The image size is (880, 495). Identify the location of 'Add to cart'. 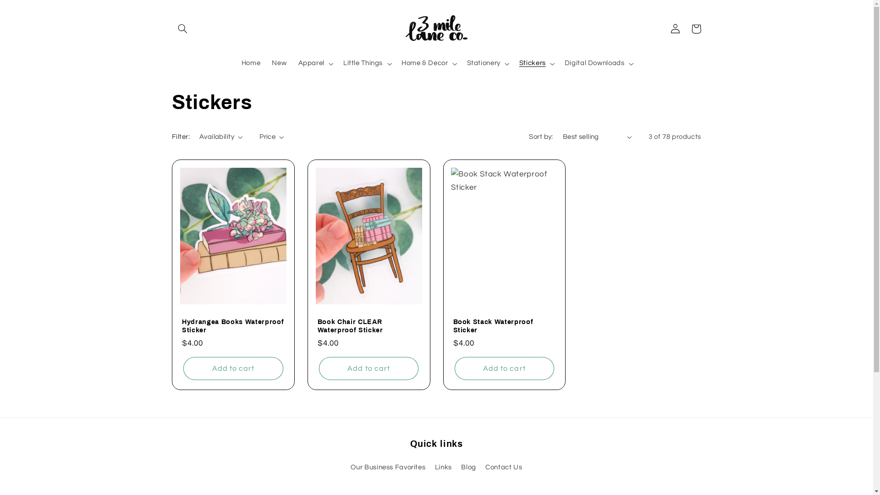
(183, 368).